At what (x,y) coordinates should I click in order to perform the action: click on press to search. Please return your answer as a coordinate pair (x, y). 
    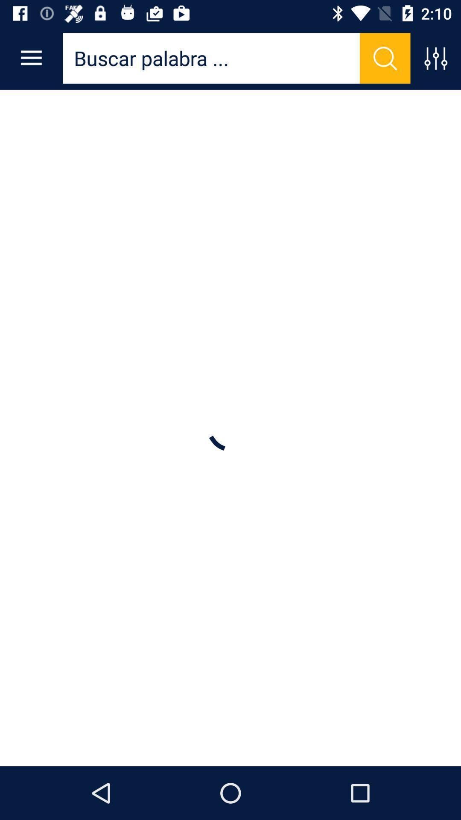
    Looking at the image, I should click on (385, 58).